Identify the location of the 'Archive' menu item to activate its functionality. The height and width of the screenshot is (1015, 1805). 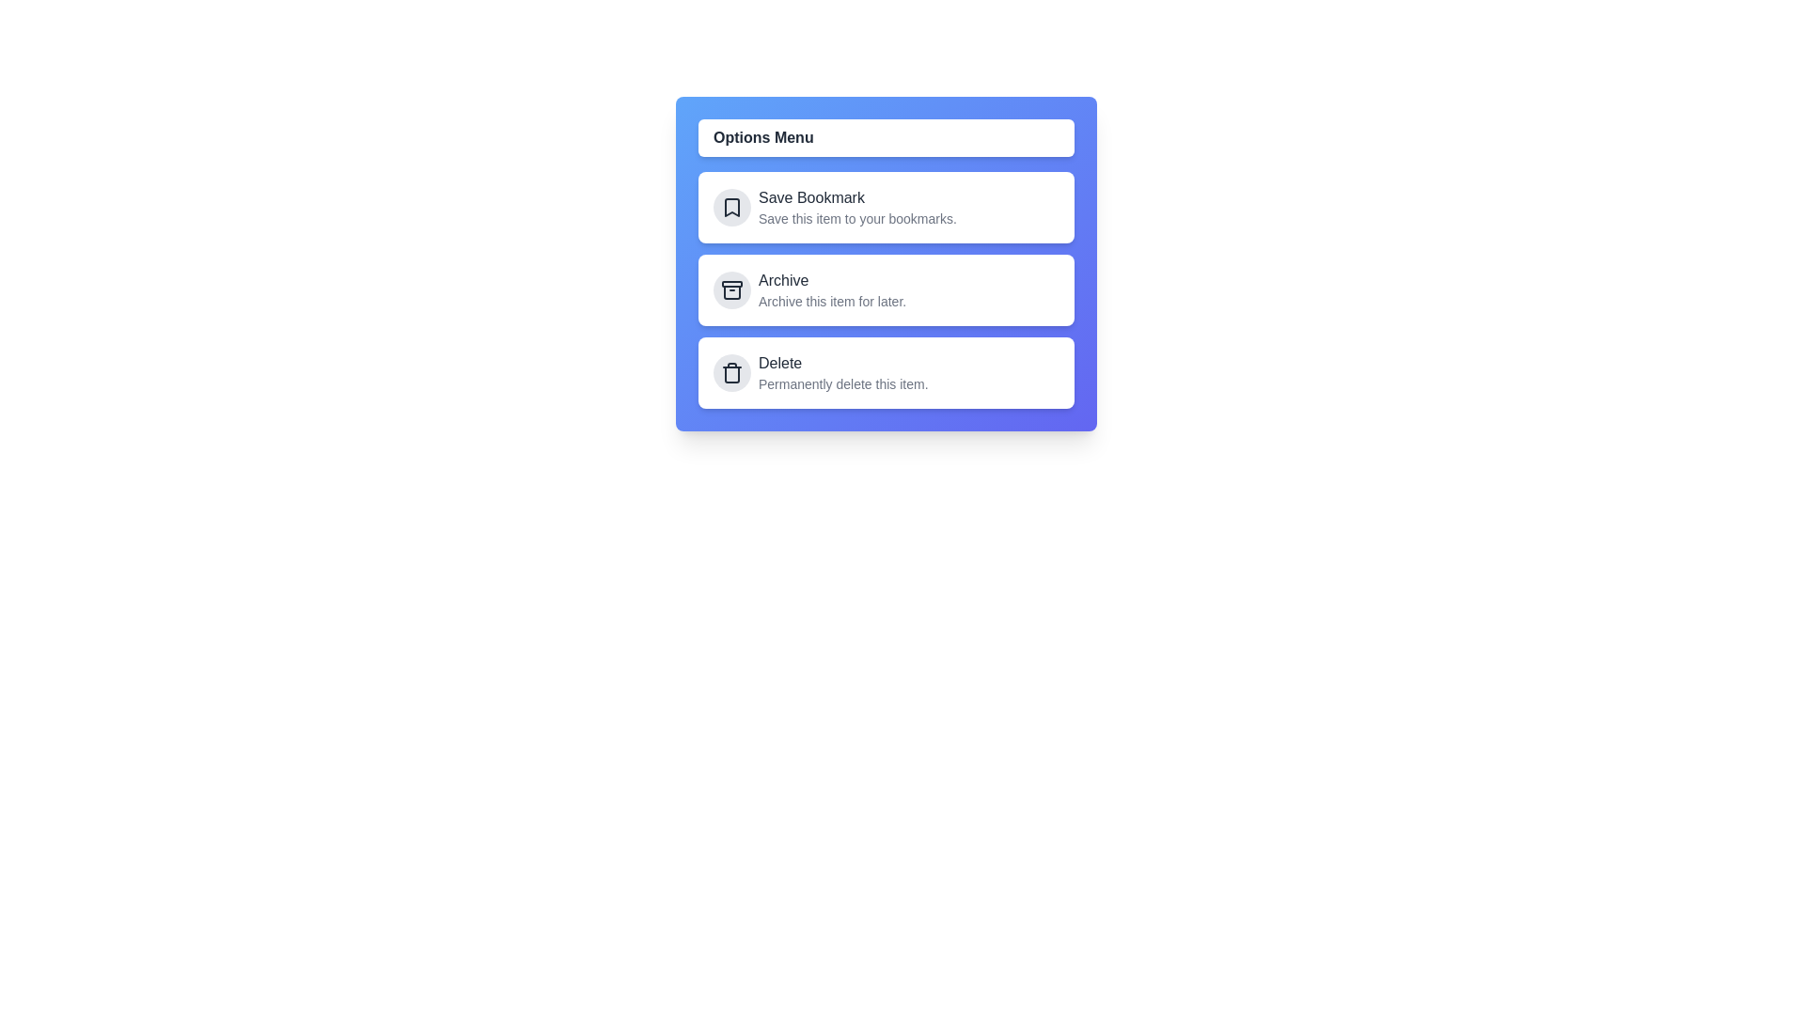
(885, 289).